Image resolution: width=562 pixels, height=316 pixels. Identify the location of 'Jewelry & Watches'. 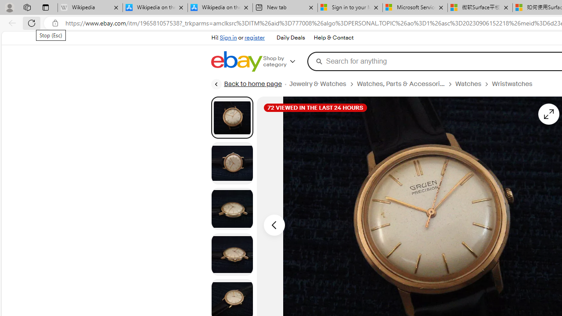
(322, 84).